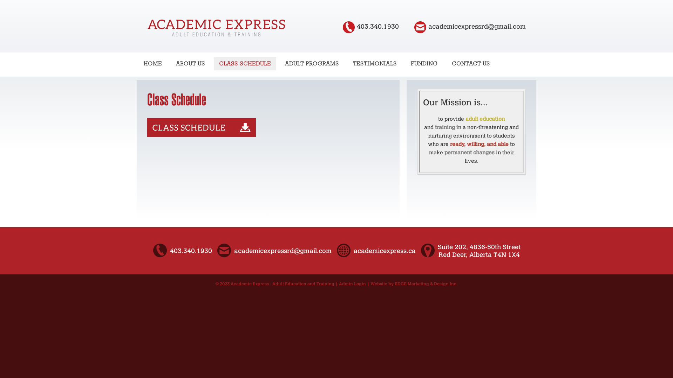  What do you see at coordinates (311, 63) in the screenshot?
I see `'ADULT PROGRAMS'` at bounding box center [311, 63].